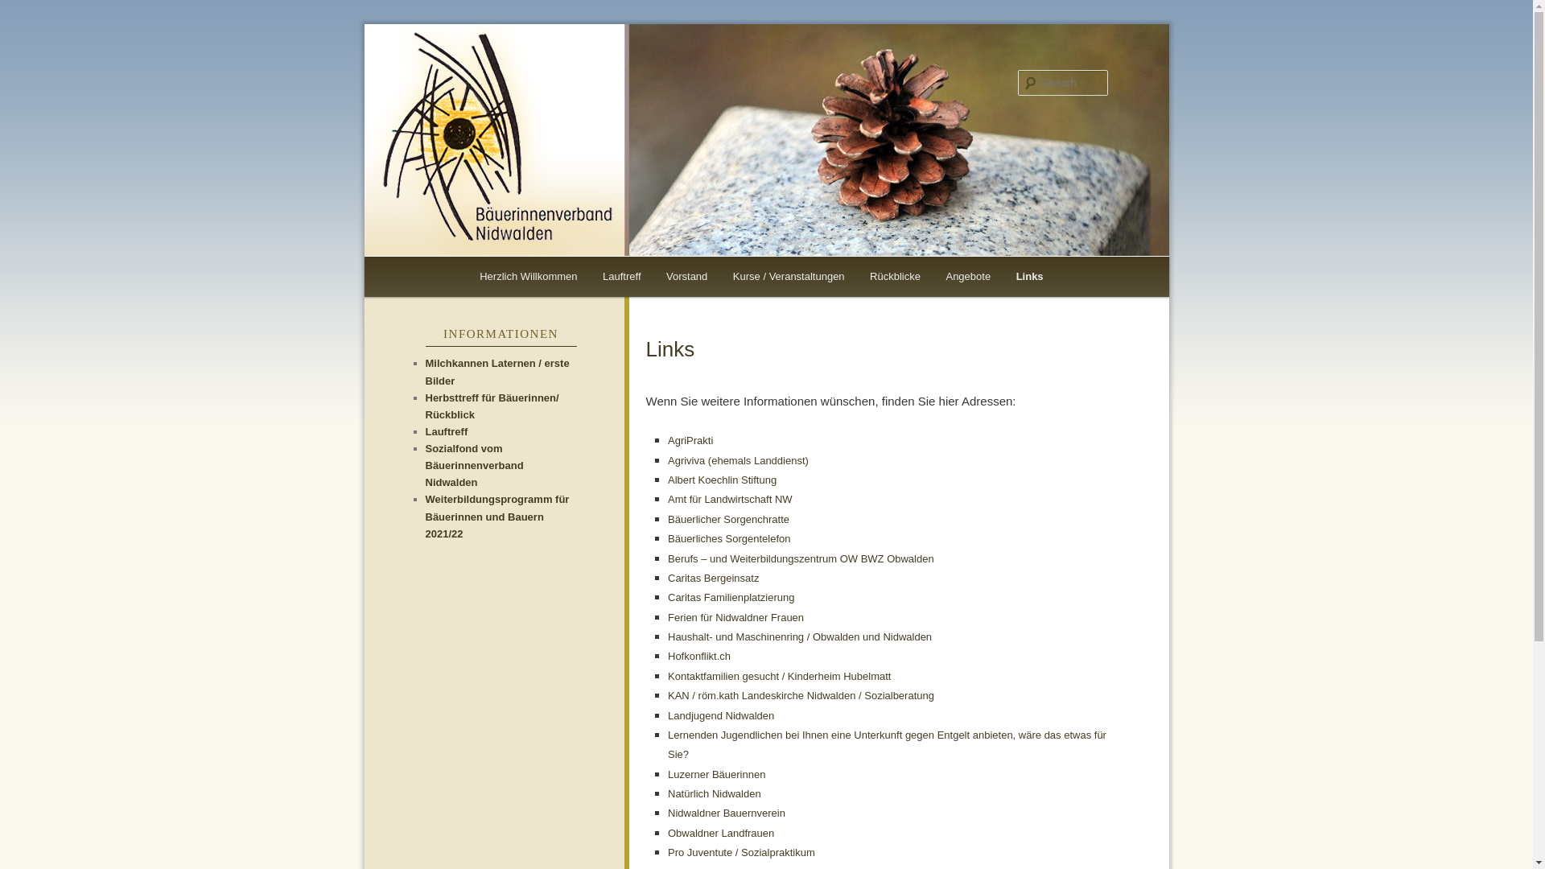  What do you see at coordinates (1028, 275) in the screenshot?
I see `'Links'` at bounding box center [1028, 275].